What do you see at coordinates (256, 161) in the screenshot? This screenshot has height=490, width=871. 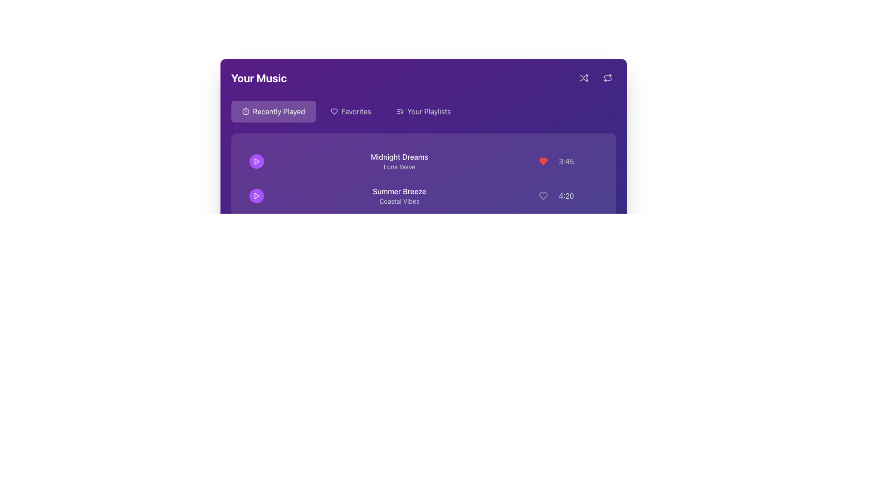 I see `the play button icon with a triangular arrow, styled with white strokes on a purple circular background, located under the 'Your Music' header` at bounding box center [256, 161].